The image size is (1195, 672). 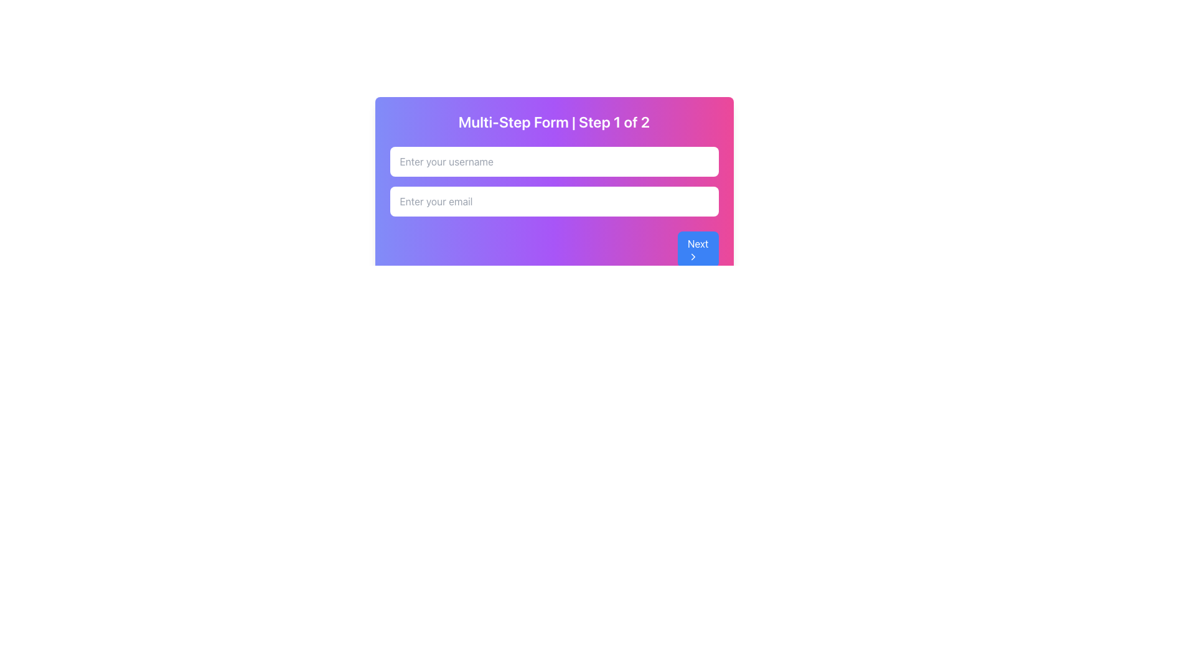 What do you see at coordinates (692, 256) in the screenshot?
I see `the small rightward arrow icon with a chevron pattern, located adjacent to the text 'Next' on the blue button in the bottom-right corner of the card` at bounding box center [692, 256].